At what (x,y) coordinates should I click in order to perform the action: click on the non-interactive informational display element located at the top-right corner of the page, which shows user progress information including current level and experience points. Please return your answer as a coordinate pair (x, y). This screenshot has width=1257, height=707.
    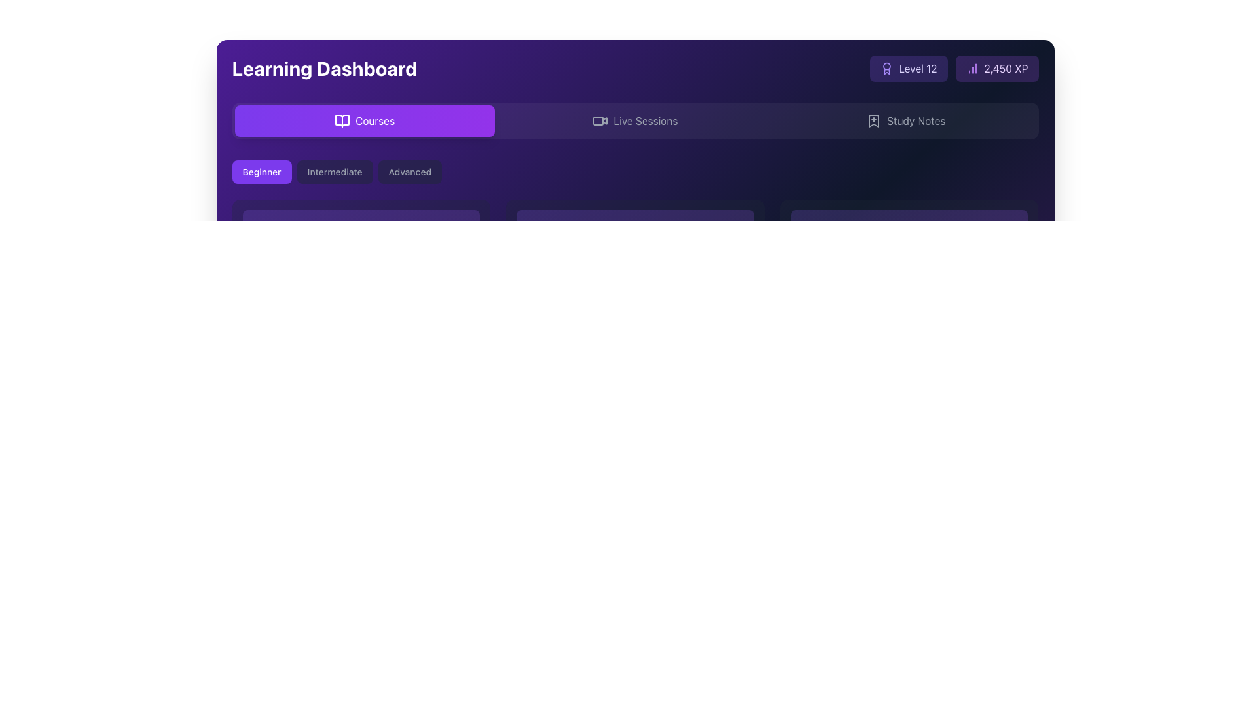
    Looking at the image, I should click on (954, 68).